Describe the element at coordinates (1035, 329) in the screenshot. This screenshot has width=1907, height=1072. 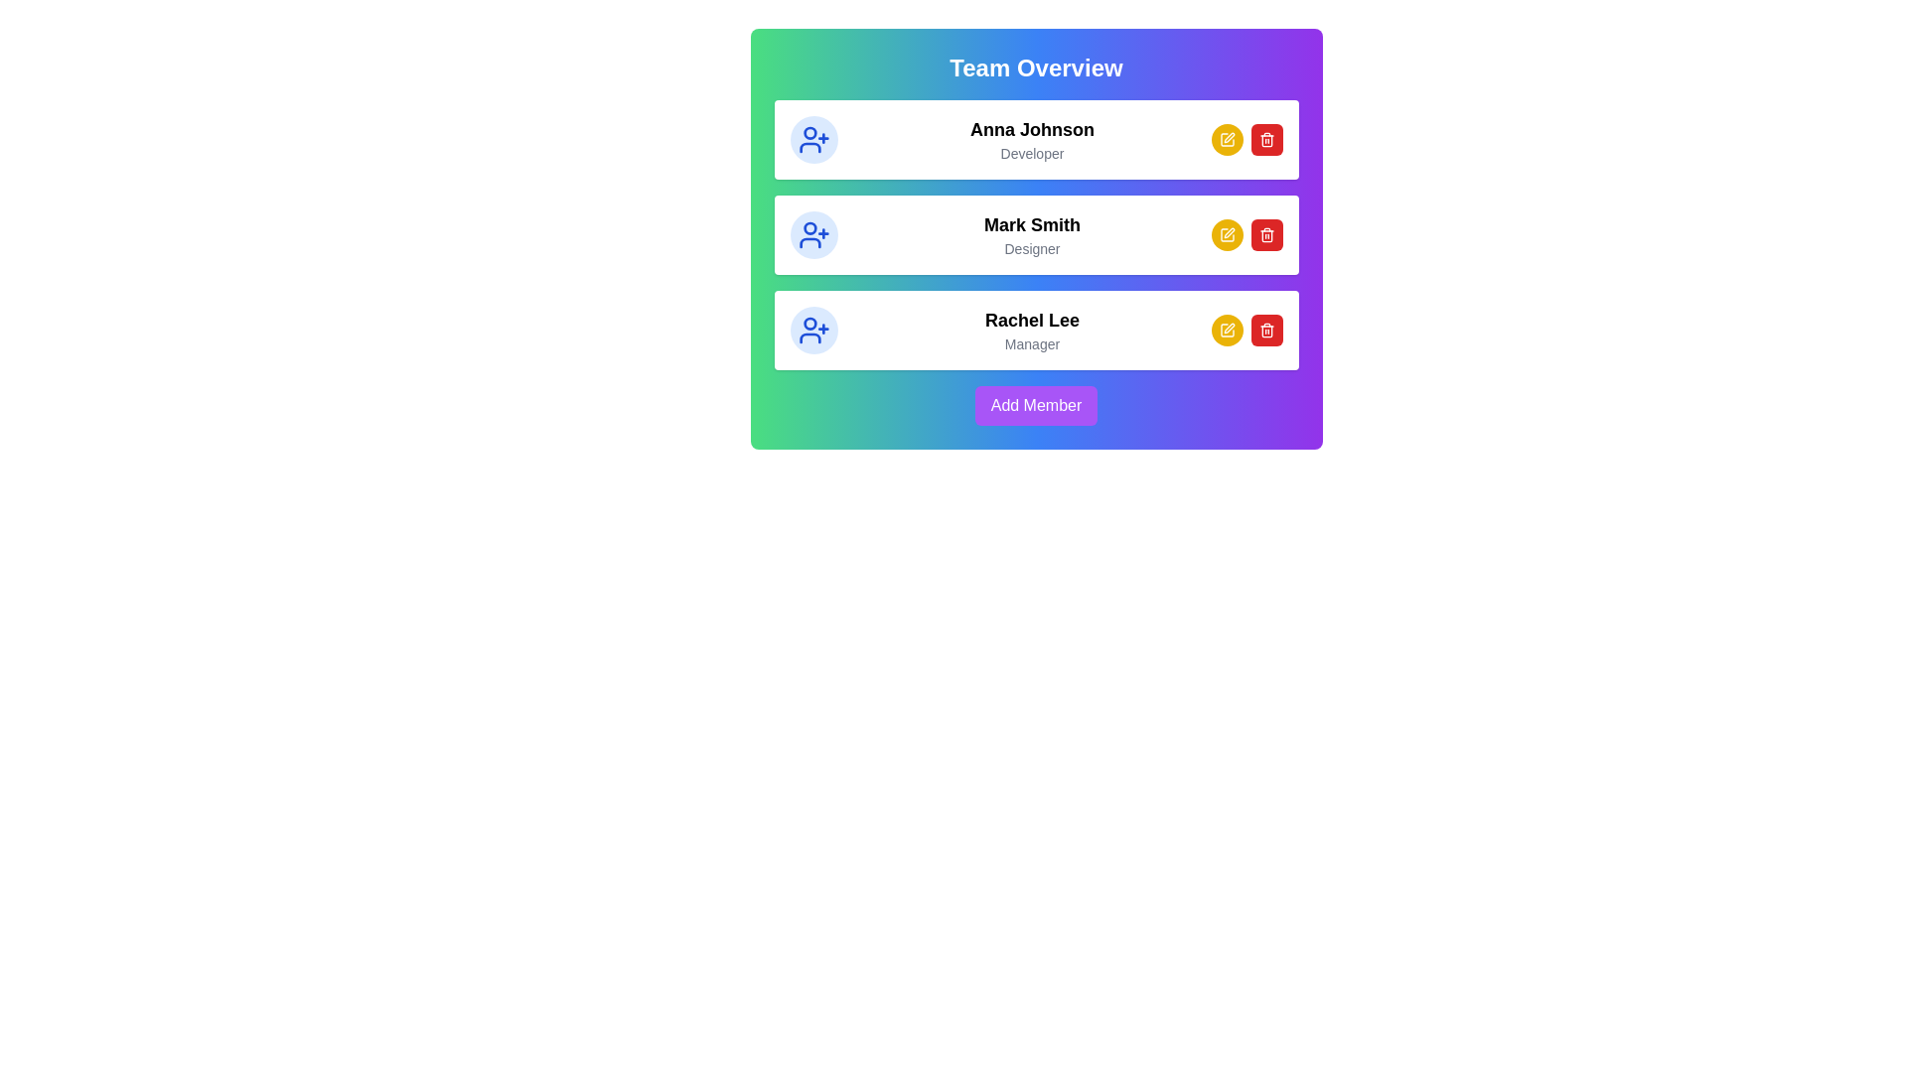
I see `the third card in the 'Team Overview' section` at that location.